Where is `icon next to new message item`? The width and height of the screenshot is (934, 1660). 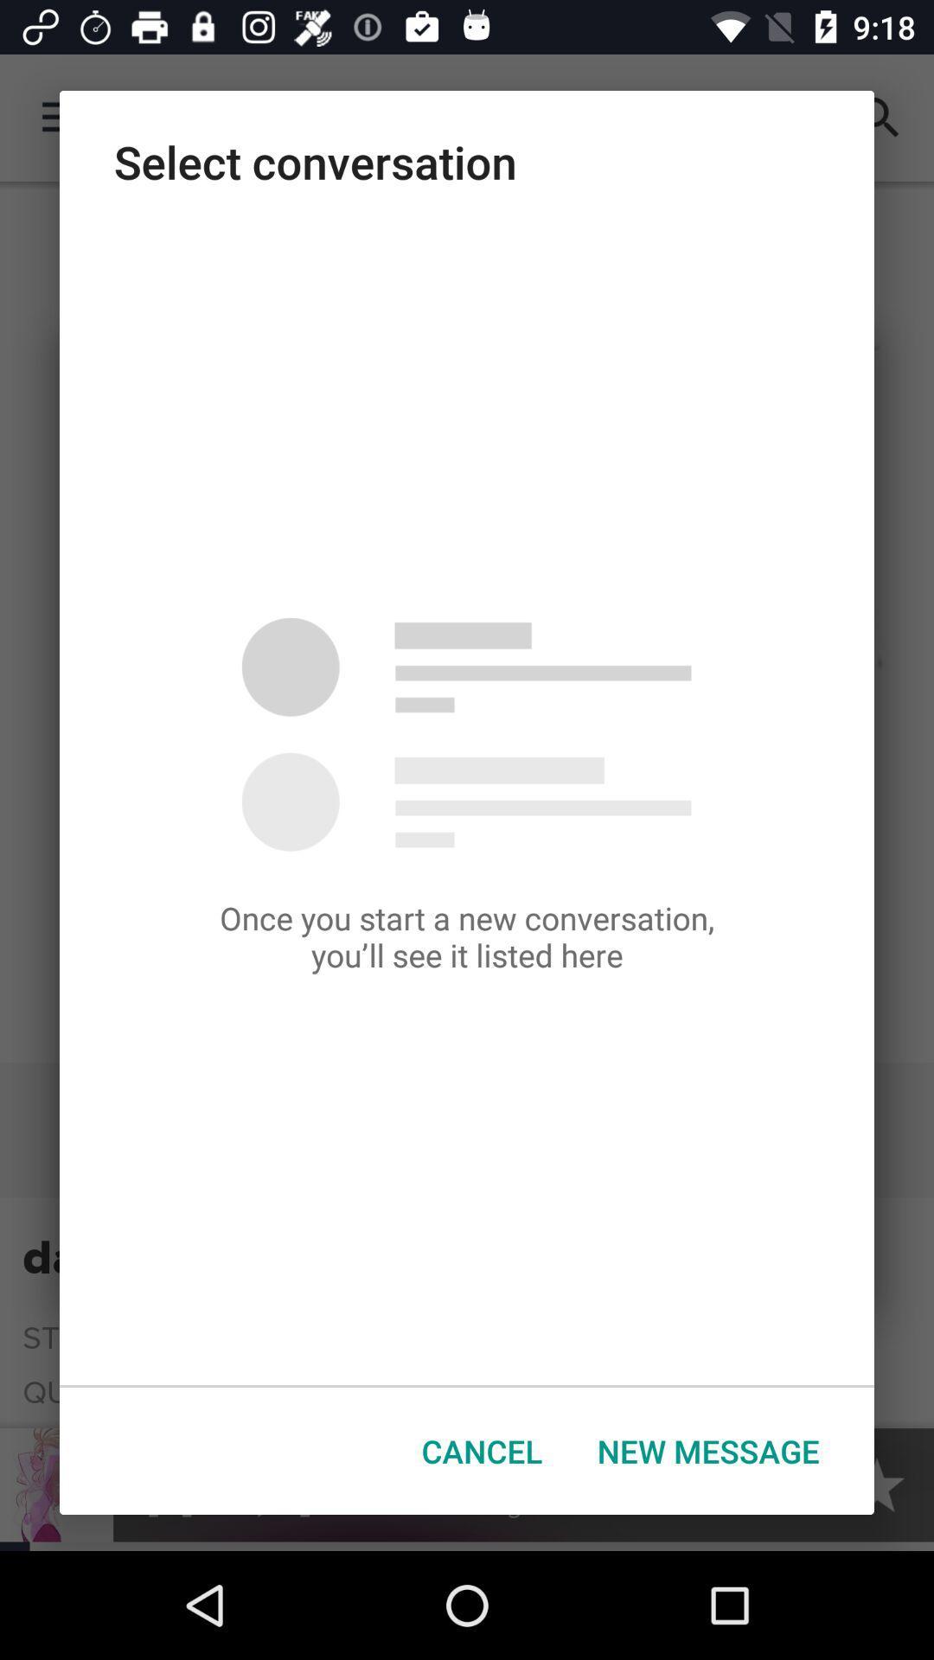
icon next to new message item is located at coordinates (482, 1451).